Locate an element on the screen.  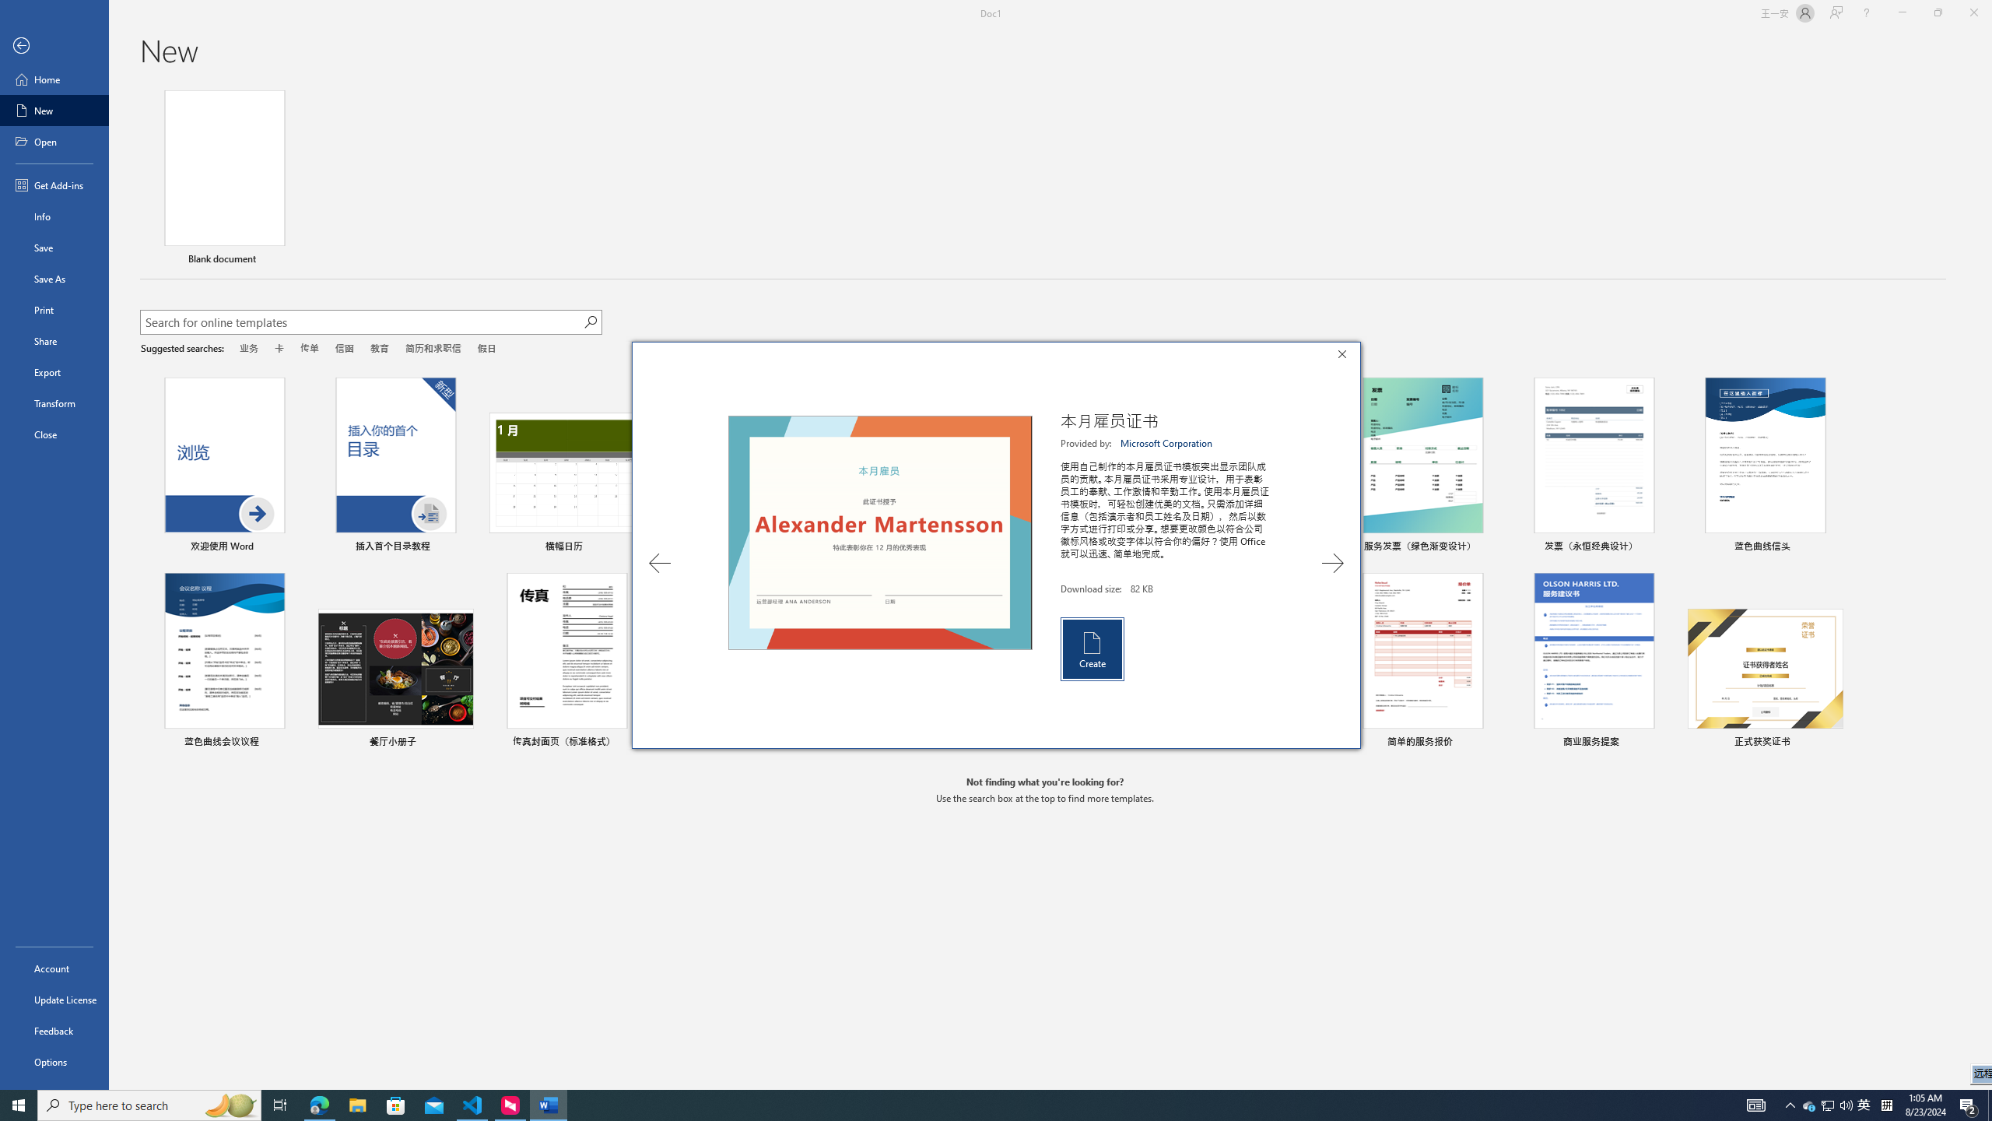
'Microsoft Store' is located at coordinates (356, 1104).